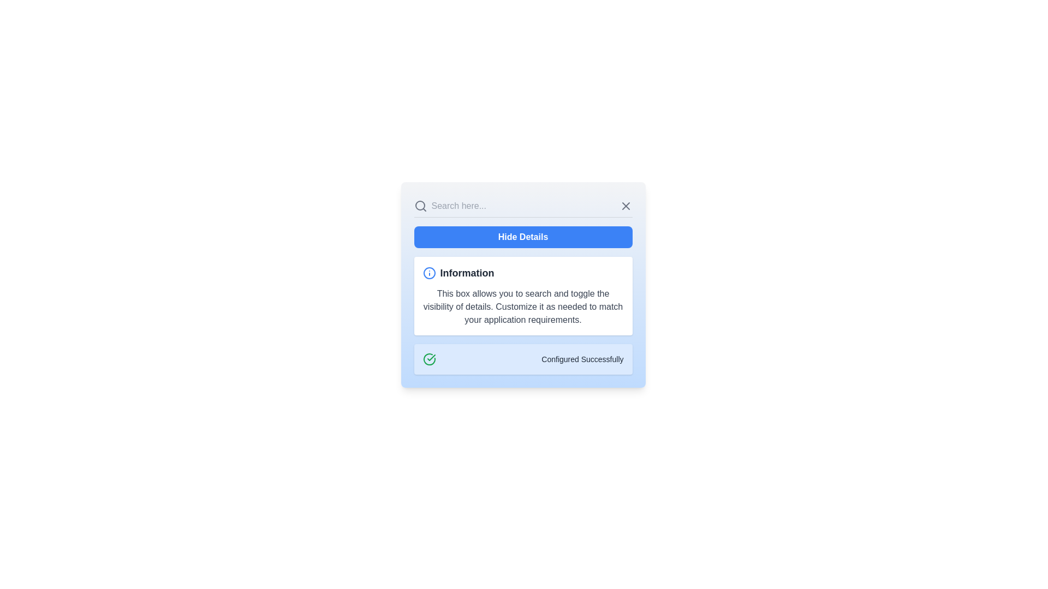 This screenshot has width=1048, height=589. I want to click on the status message text label indicating a successful configuration action, located in the lower-right corner of the notification bar next to a green checkmark icon, so click(582, 359).